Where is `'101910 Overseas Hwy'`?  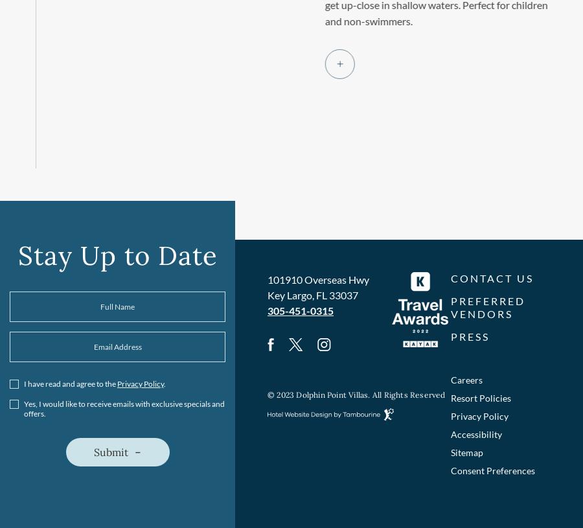
'101910 Overseas Hwy' is located at coordinates (317, 279).